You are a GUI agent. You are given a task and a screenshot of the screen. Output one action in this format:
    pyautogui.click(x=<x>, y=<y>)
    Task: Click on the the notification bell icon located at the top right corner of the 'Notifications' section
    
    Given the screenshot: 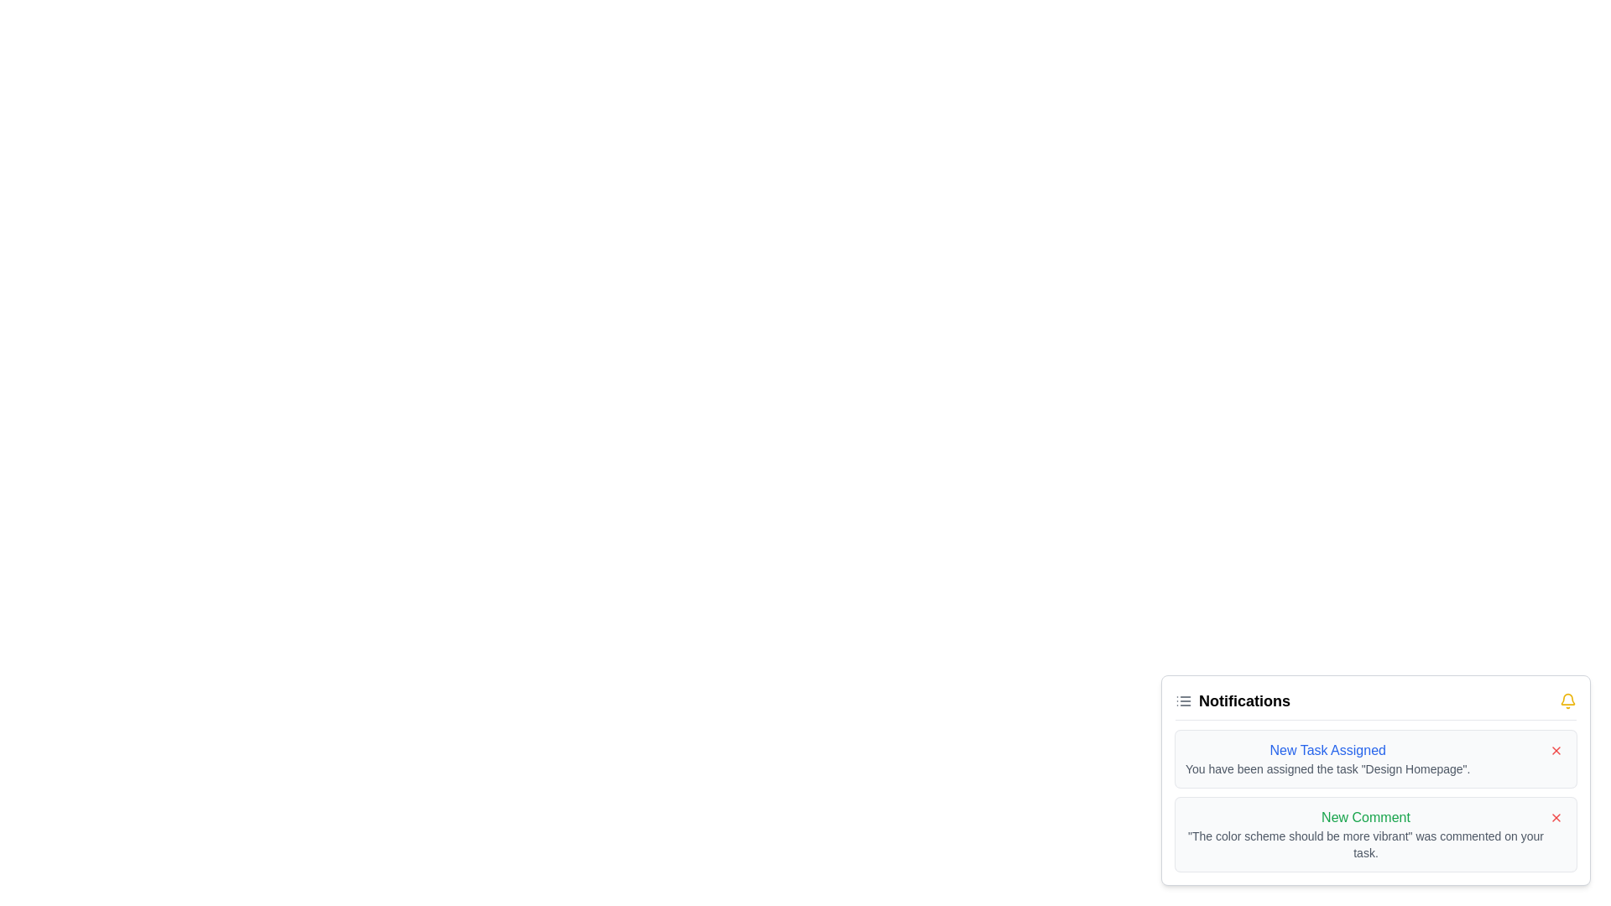 What is the action you would take?
    pyautogui.click(x=1567, y=701)
    